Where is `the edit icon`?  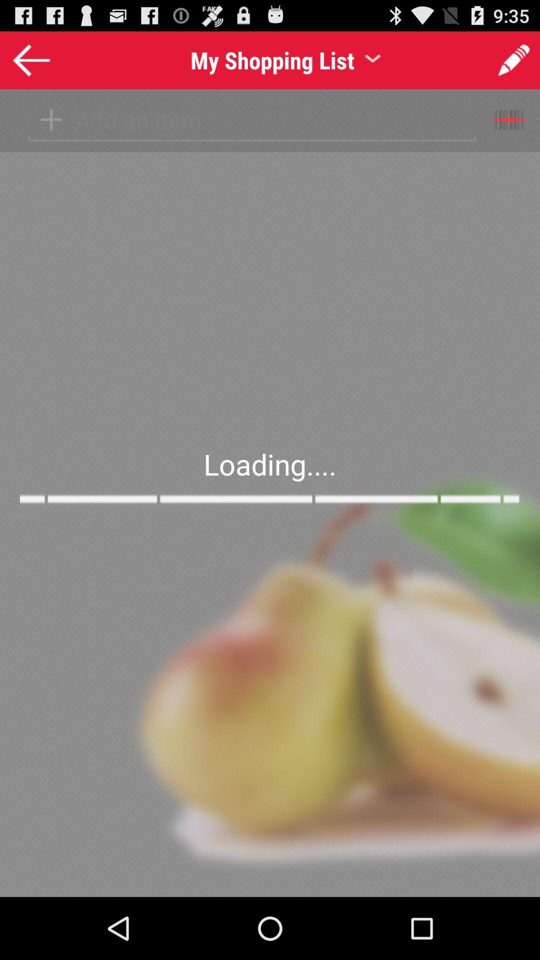 the edit icon is located at coordinates (513, 64).